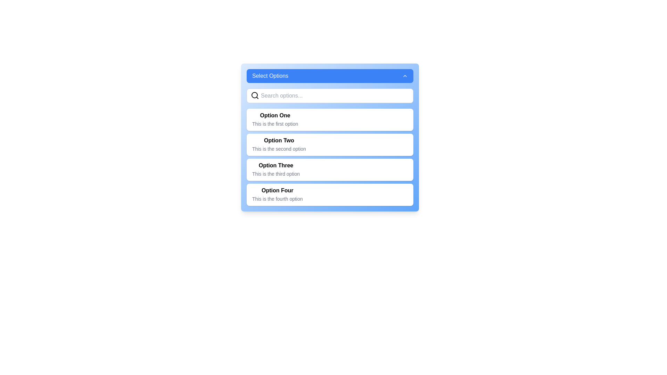  I want to click on the list item styled with a white background and light blue border that contains the title 'Option Two', so click(330, 147).